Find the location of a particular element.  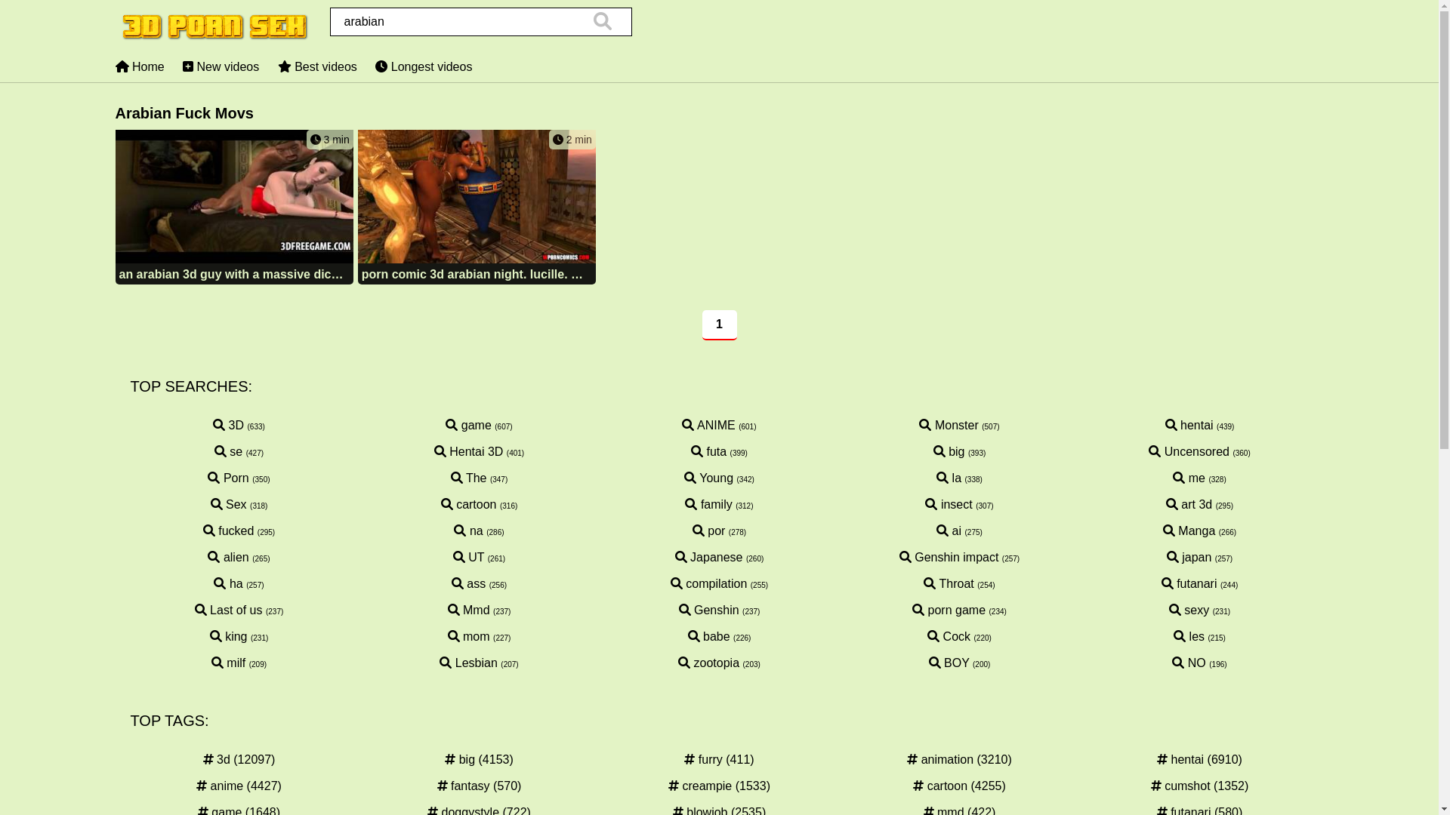

'2 min is located at coordinates (476, 208).